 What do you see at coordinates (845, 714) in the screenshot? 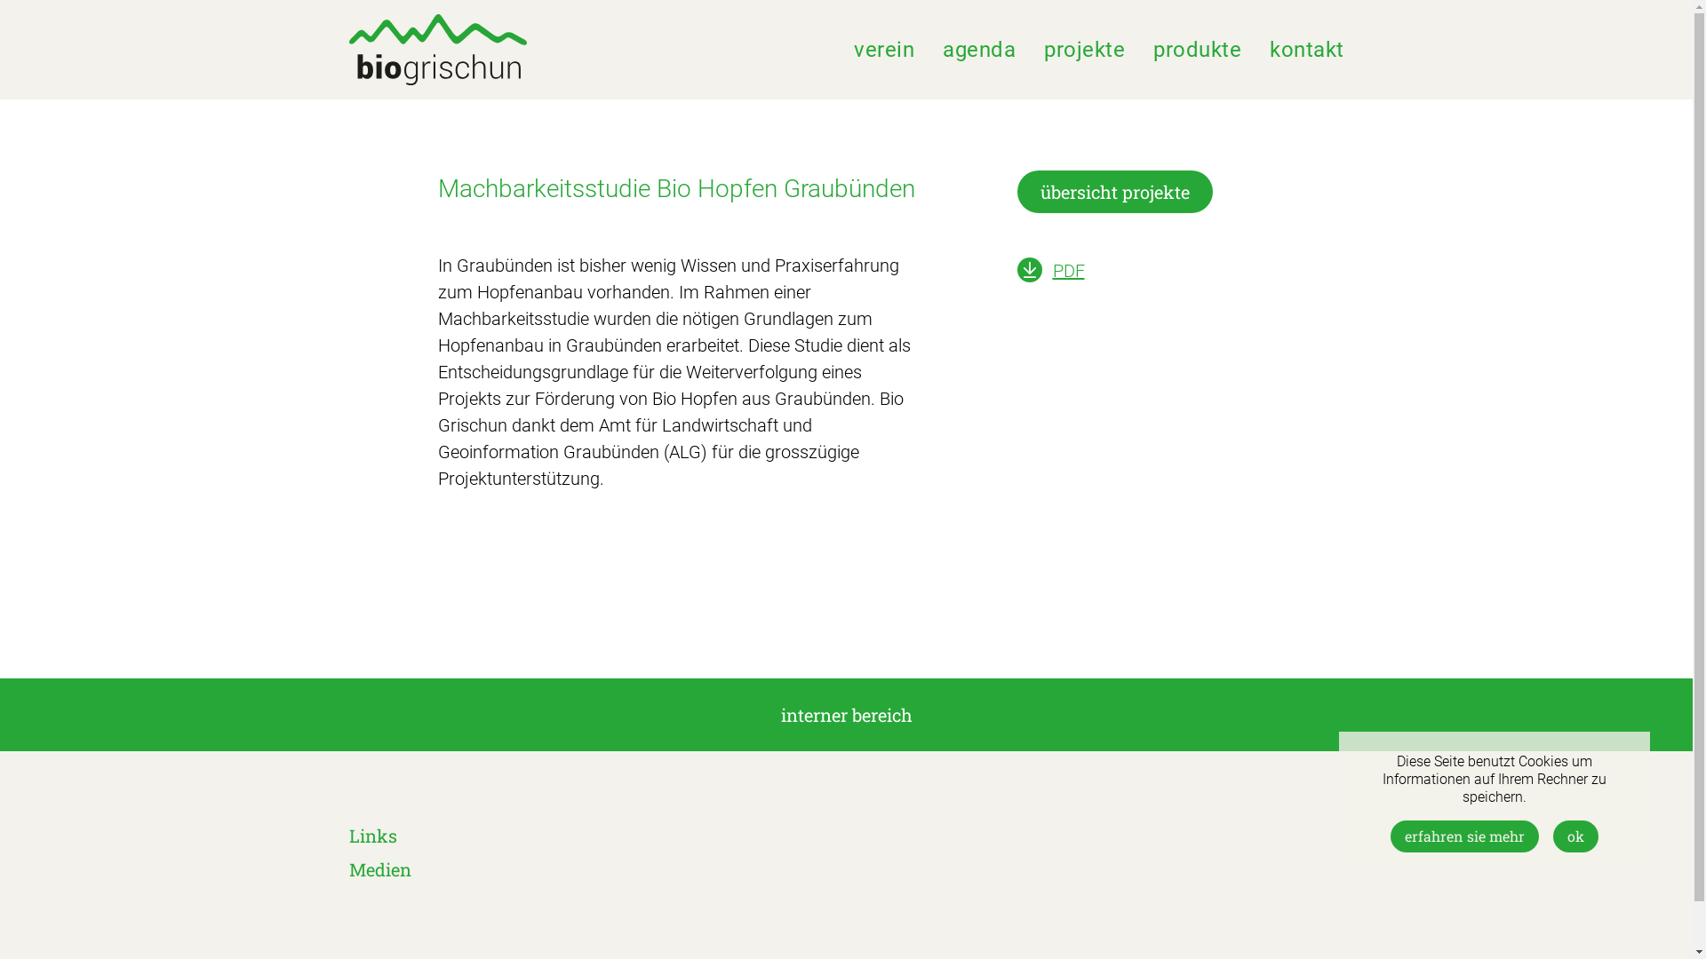
I see `'interner bereich'` at bounding box center [845, 714].